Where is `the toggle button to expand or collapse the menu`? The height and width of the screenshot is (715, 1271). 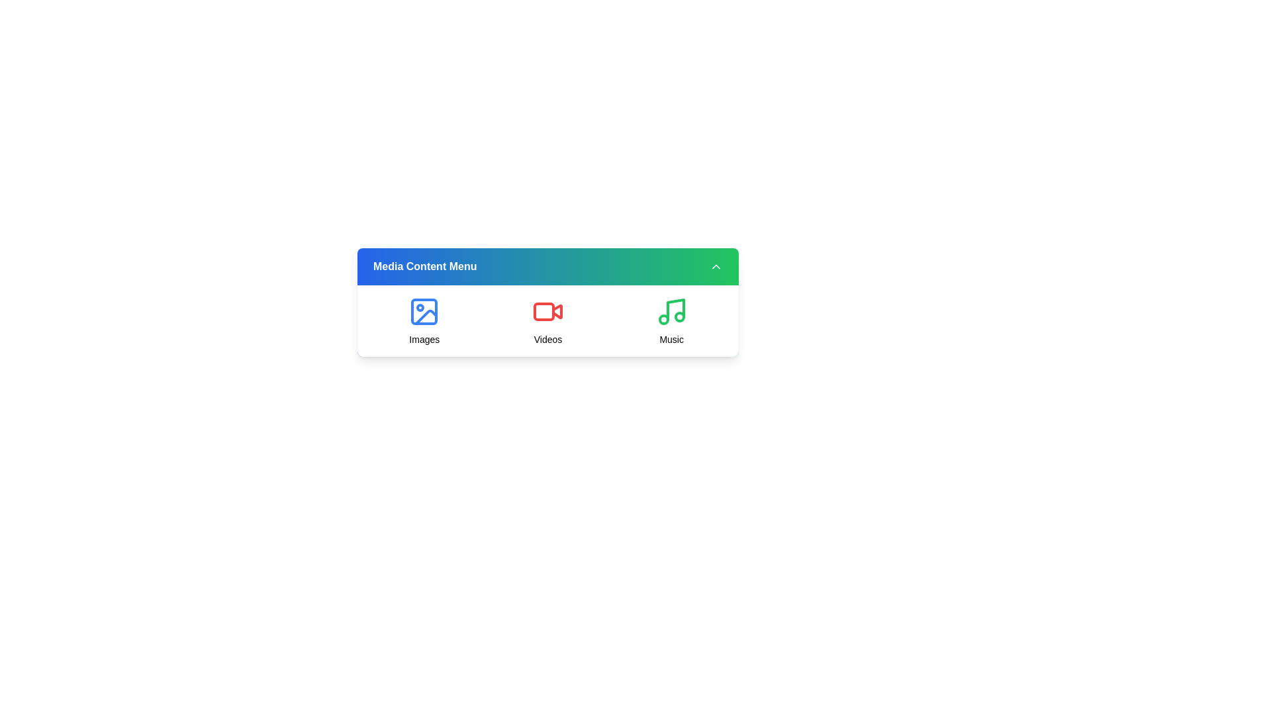 the toggle button to expand or collapse the menu is located at coordinates (715, 266).